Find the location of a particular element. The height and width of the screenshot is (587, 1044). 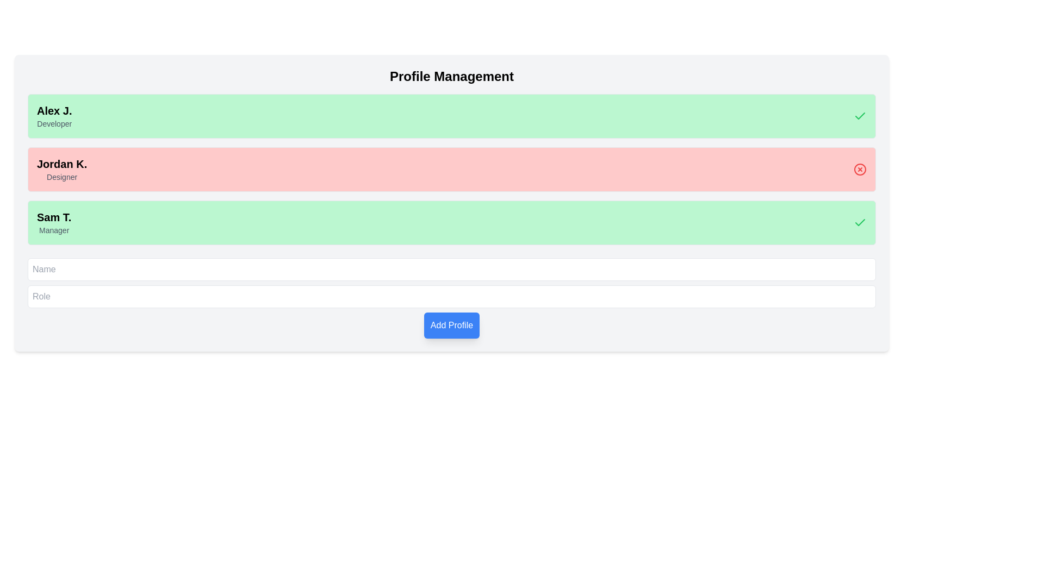

user's profile name 'Sam T.' and their associated role 'Manager.' displayed in the text area located in the lower half of the list of profiles, positioned below 'Jordan K. Designer.' is located at coordinates (53, 222).